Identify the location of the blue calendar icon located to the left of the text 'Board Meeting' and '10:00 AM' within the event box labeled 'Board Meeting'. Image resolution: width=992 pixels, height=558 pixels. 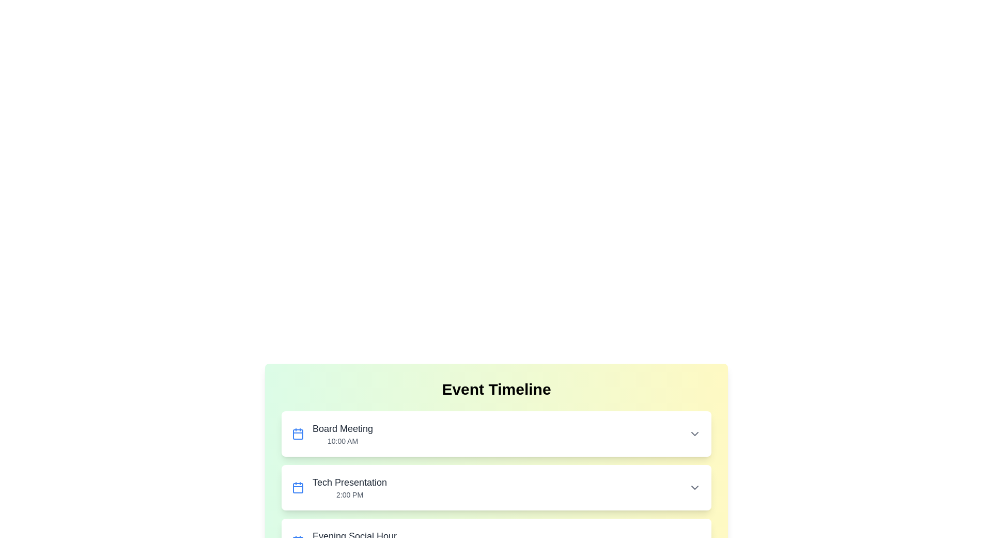
(297, 434).